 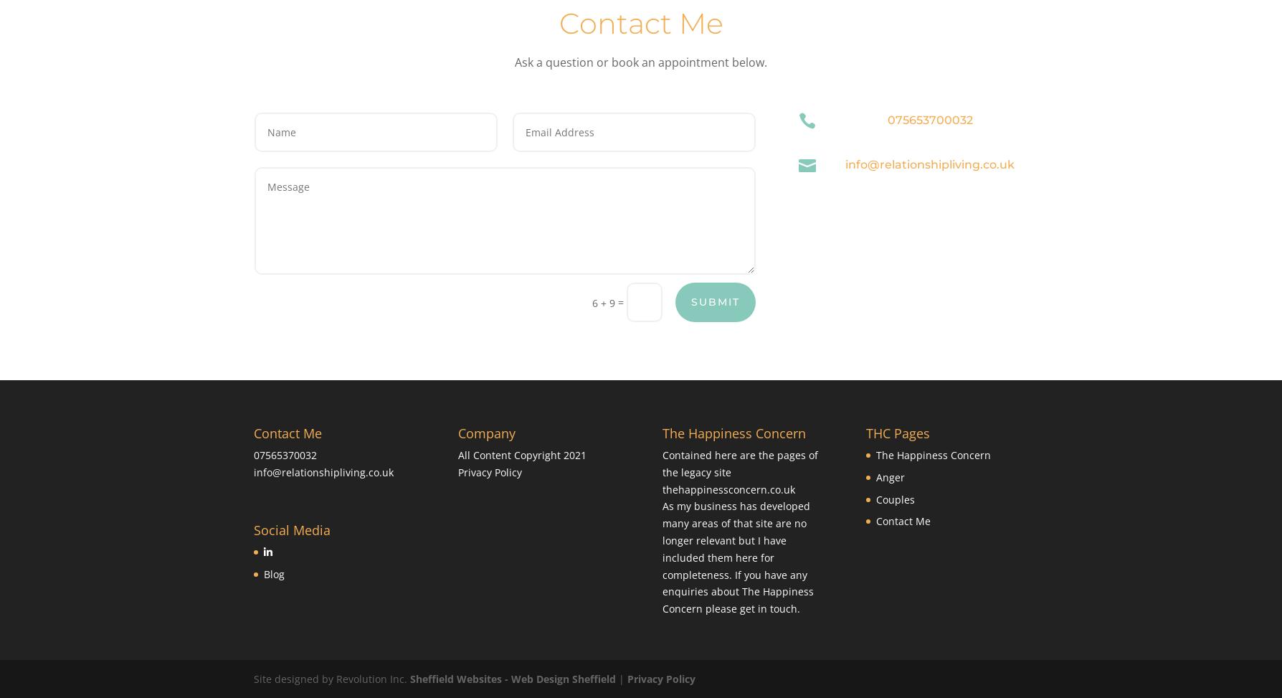 What do you see at coordinates (894, 499) in the screenshot?
I see `'Couples'` at bounding box center [894, 499].